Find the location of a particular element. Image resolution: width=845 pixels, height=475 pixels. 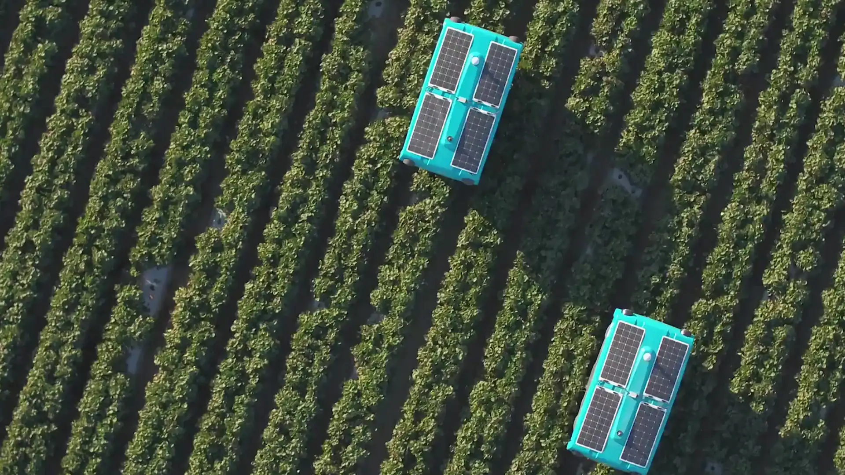

Introducing Malta Project Malta  a new approach to grid-scale energy storage whose secret ingredient is molten salt  graduates from X and becomes an independent company outside Alphabet as they get ready to build their first megawatt-scale pilot plant. is located at coordinates (446, 225).